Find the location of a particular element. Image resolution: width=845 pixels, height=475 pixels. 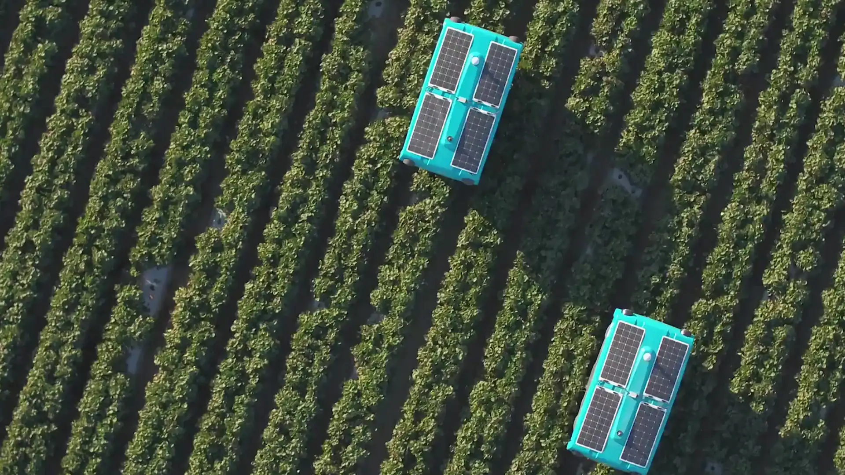

Introducing Malta Project Malta  a new approach to grid-scale energy storage whose secret ingredient is molten salt  graduates from X and becomes an independent company outside Alphabet as they get ready to build their first megawatt-scale pilot plant. is located at coordinates (446, 225).